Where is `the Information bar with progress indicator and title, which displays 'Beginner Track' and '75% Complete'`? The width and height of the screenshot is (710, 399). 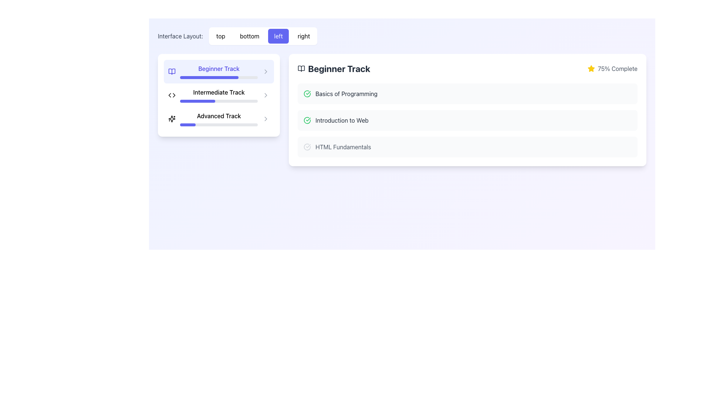
the Information bar with progress indicator and title, which displays 'Beginner Track' and '75% Complete' is located at coordinates (467, 68).